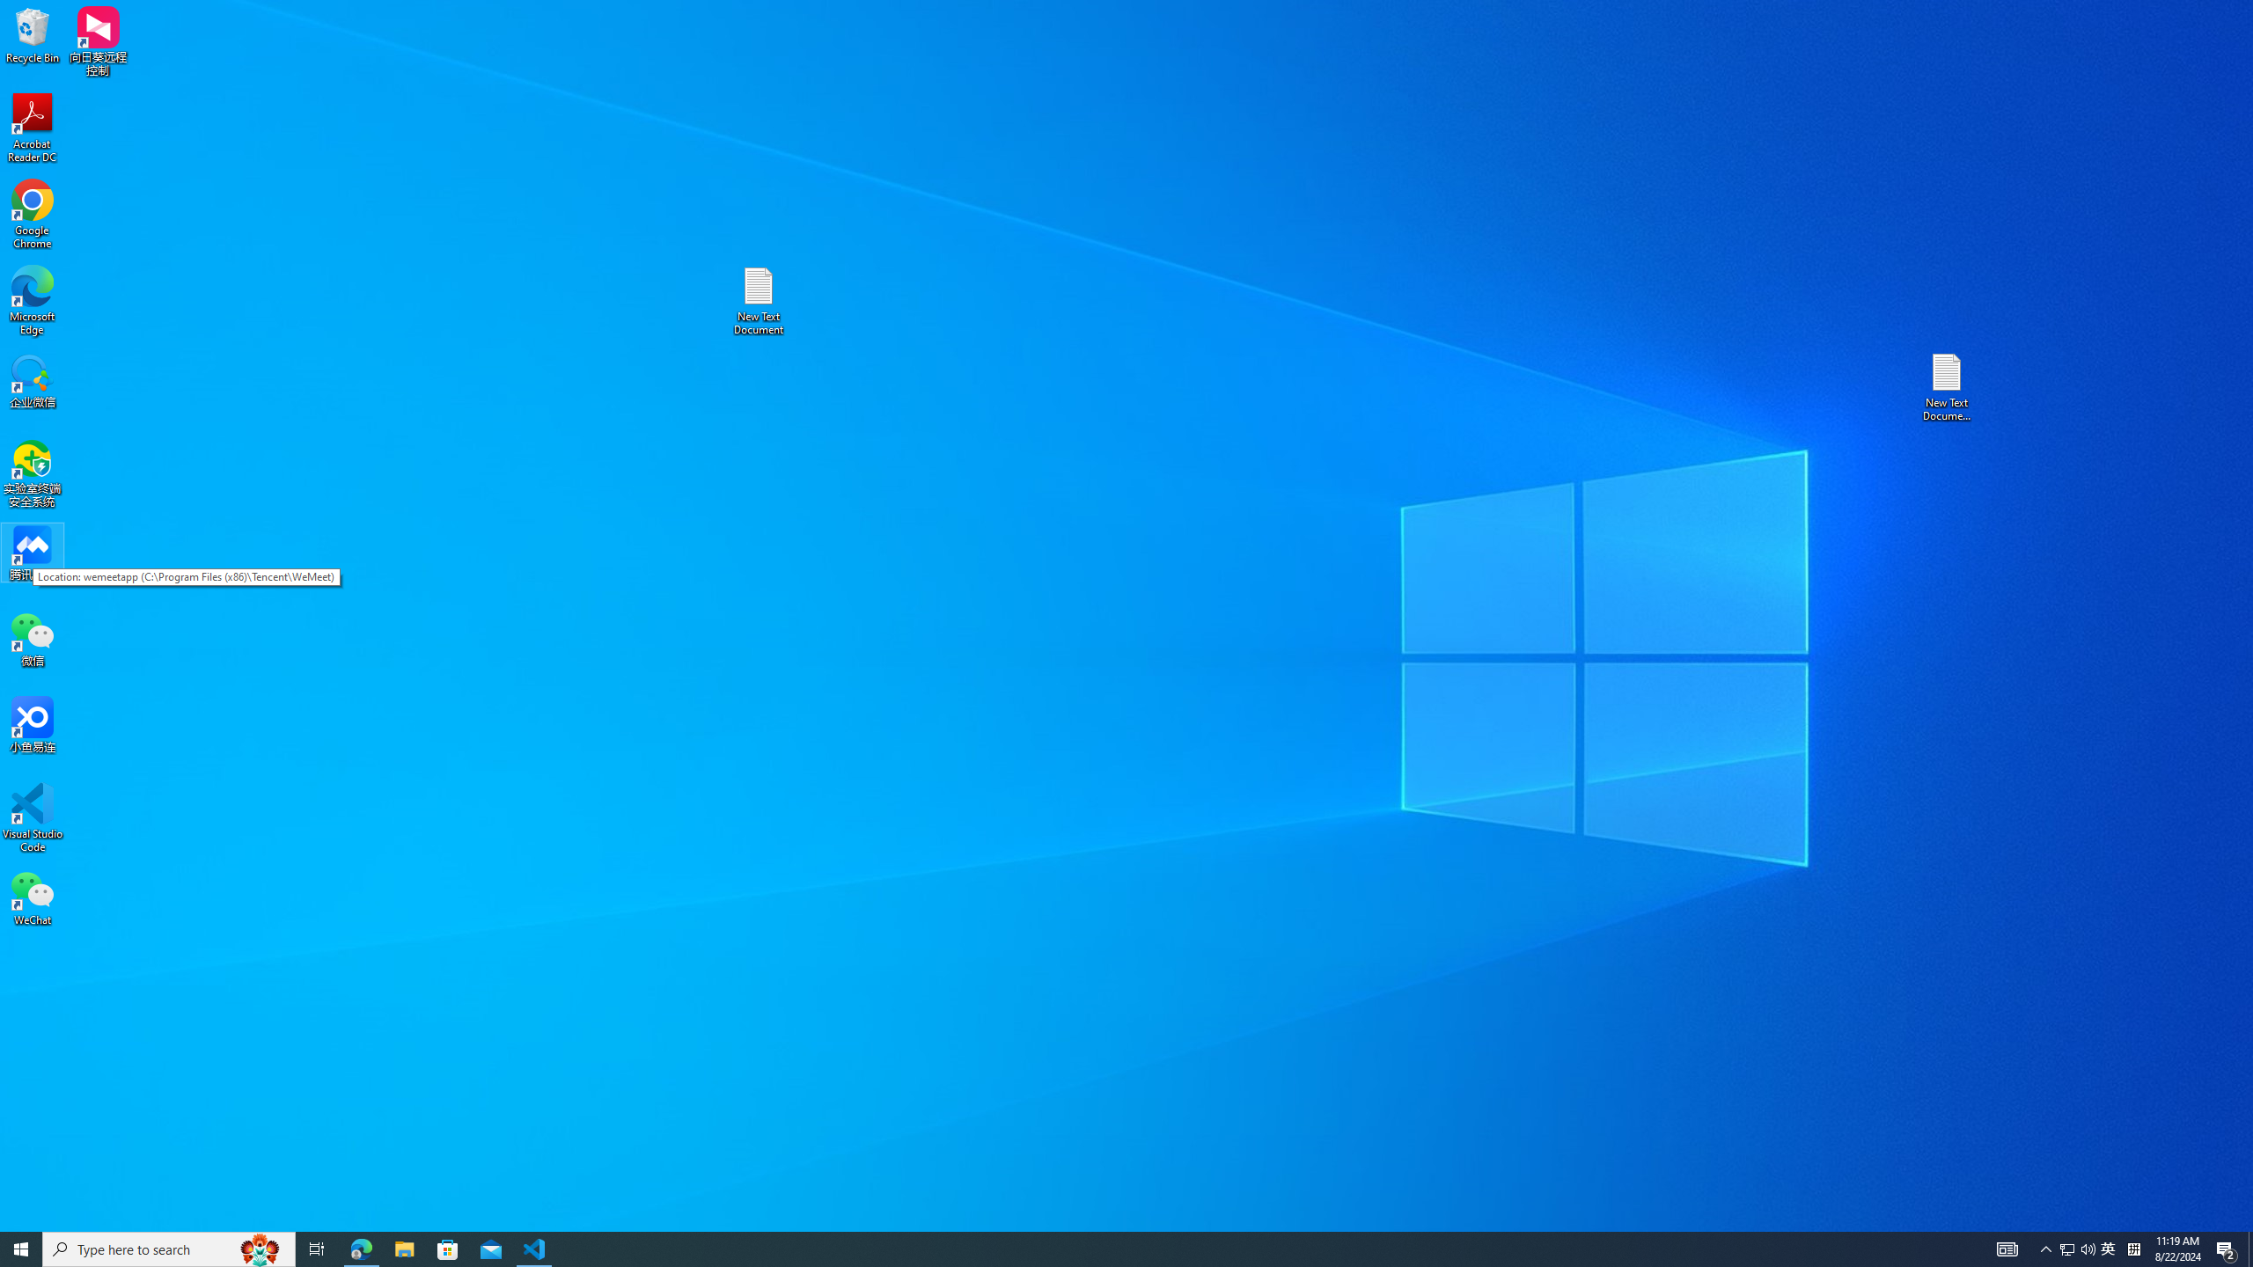 This screenshot has width=2253, height=1267. What do you see at coordinates (315, 1248) in the screenshot?
I see `'Task View'` at bounding box center [315, 1248].